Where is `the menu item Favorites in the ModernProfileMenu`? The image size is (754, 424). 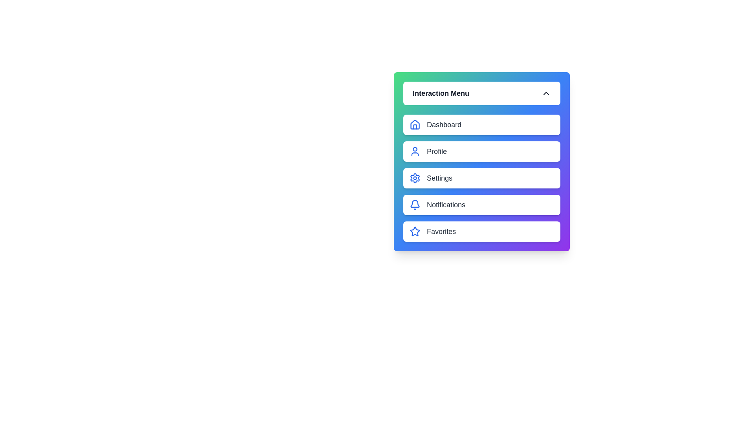
the menu item Favorites in the ModernProfileMenu is located at coordinates (481, 231).